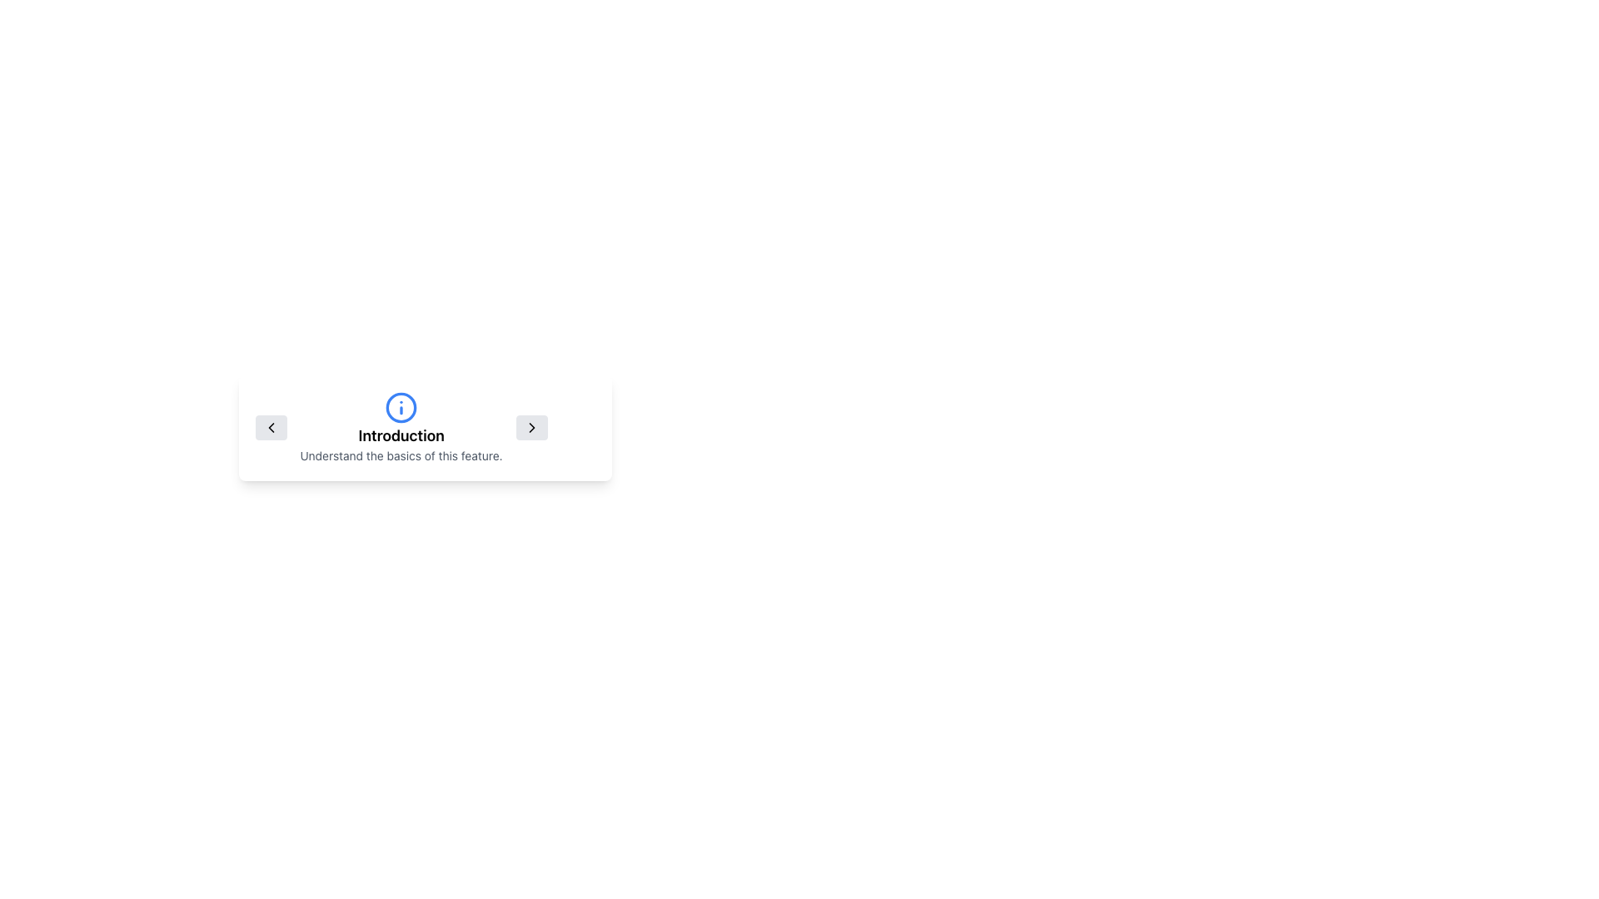 This screenshot has width=1599, height=899. Describe the element at coordinates (401, 407) in the screenshot. I see `the circular icon with a blue border` at that location.